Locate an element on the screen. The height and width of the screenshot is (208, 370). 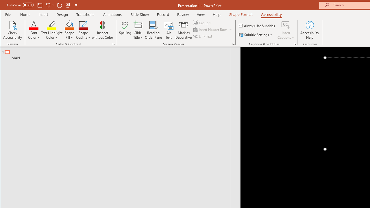
'Screen Reader' is located at coordinates (233, 44).